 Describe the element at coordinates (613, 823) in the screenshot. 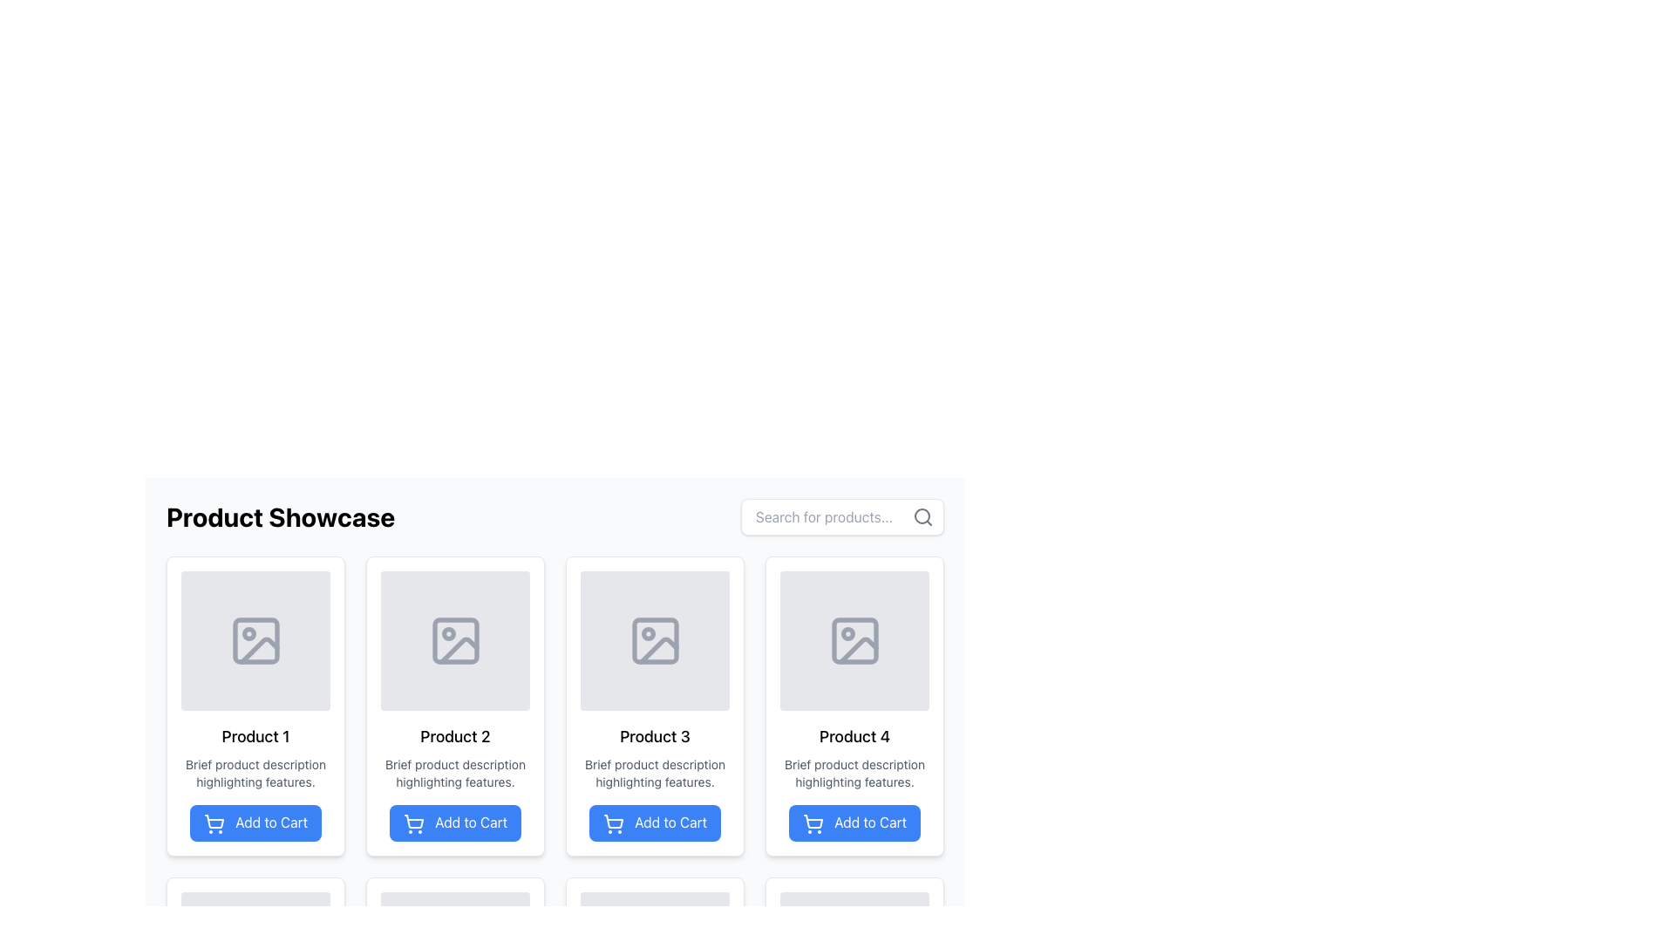

I see `the 'Add to Cart' button associated with the third product card in the 'Product Showcase' section, which contains an icon representing the action of adding a product to the cart` at that location.